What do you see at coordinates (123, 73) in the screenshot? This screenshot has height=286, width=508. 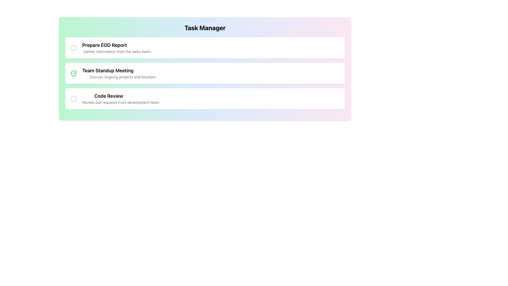 I see `the Label or Text Display that represents a task entry, located between 'Prepare EOD Report' and 'Code Review' in the task list` at bounding box center [123, 73].